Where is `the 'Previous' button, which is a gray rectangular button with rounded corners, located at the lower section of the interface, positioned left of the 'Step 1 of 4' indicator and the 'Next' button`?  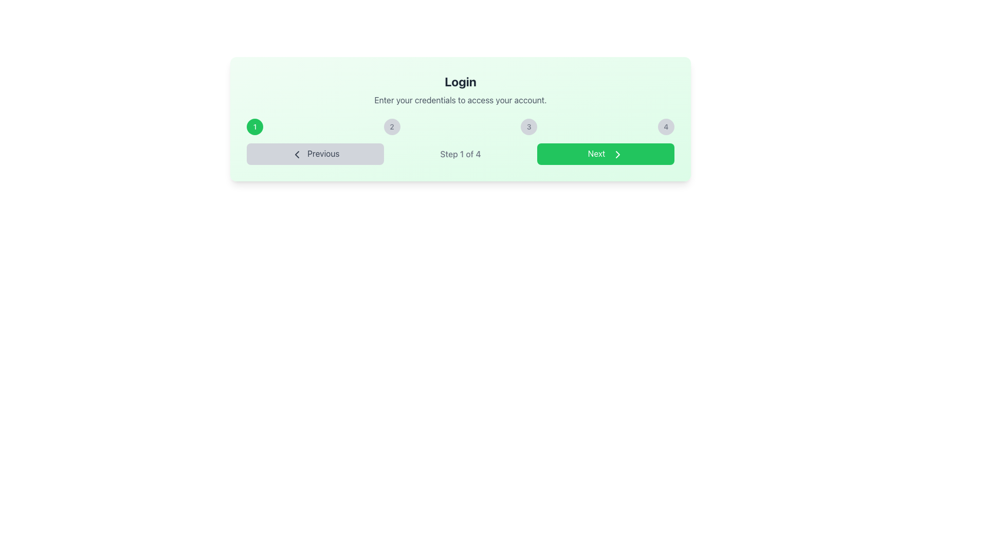 the 'Previous' button, which is a gray rectangular button with rounded corners, located at the lower section of the interface, positioned left of the 'Step 1 of 4' indicator and the 'Next' button is located at coordinates (315, 154).